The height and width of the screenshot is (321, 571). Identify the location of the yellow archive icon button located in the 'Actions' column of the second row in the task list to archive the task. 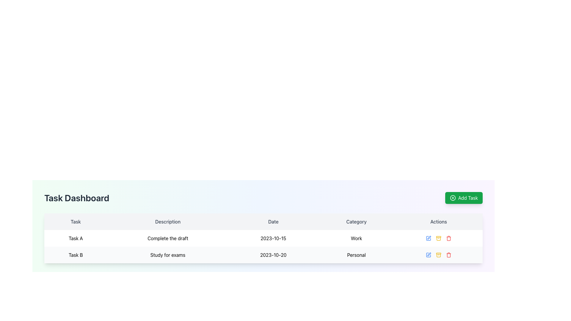
(439, 254).